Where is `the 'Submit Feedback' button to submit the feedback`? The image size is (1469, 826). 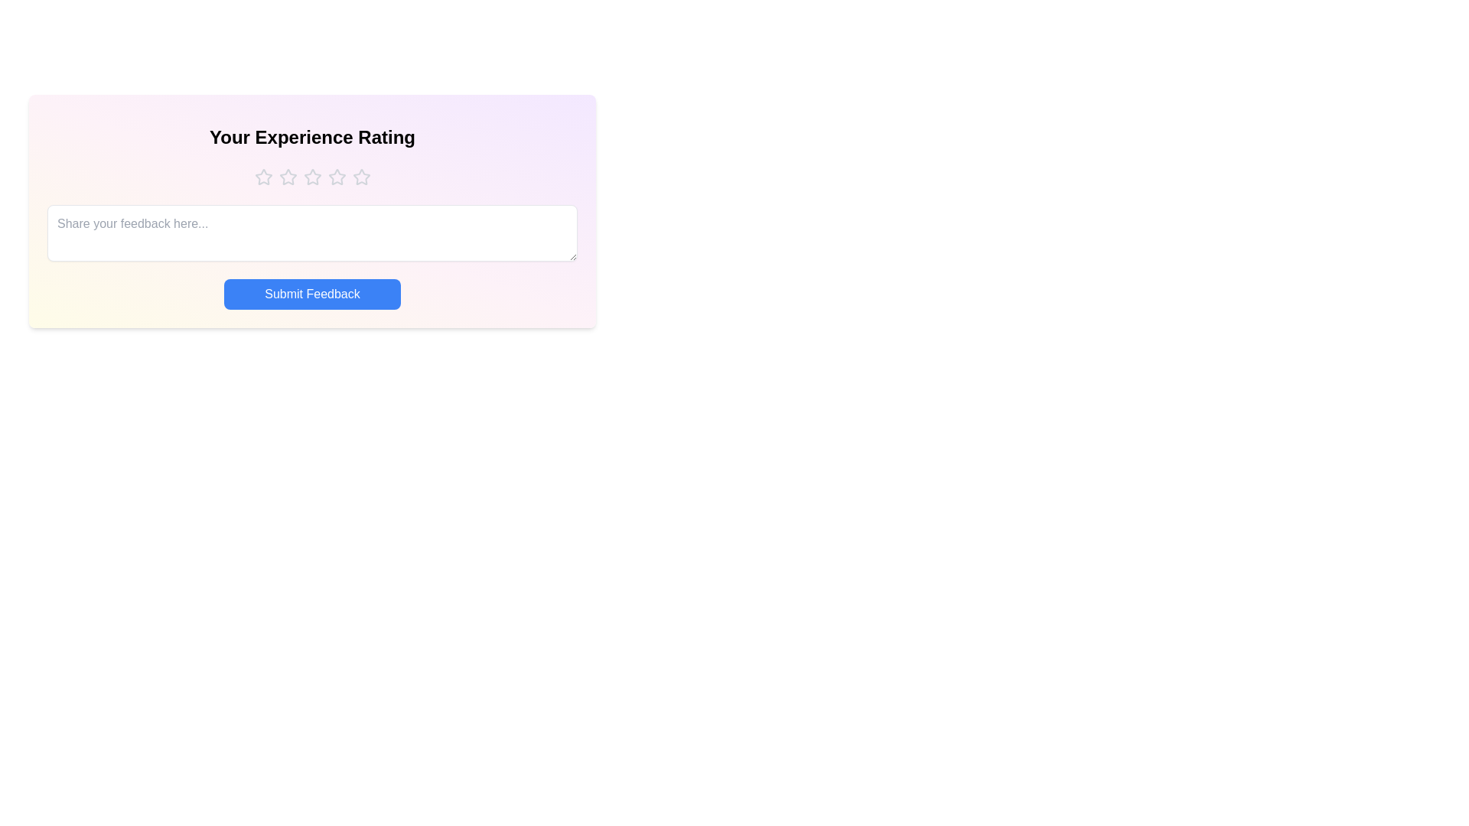 the 'Submit Feedback' button to submit the feedback is located at coordinates (311, 294).